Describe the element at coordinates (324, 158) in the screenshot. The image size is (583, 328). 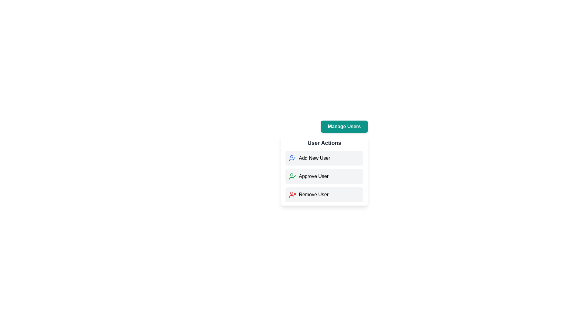
I see `the 'Add User' button located at the top of the 'User Actions' list` at that location.